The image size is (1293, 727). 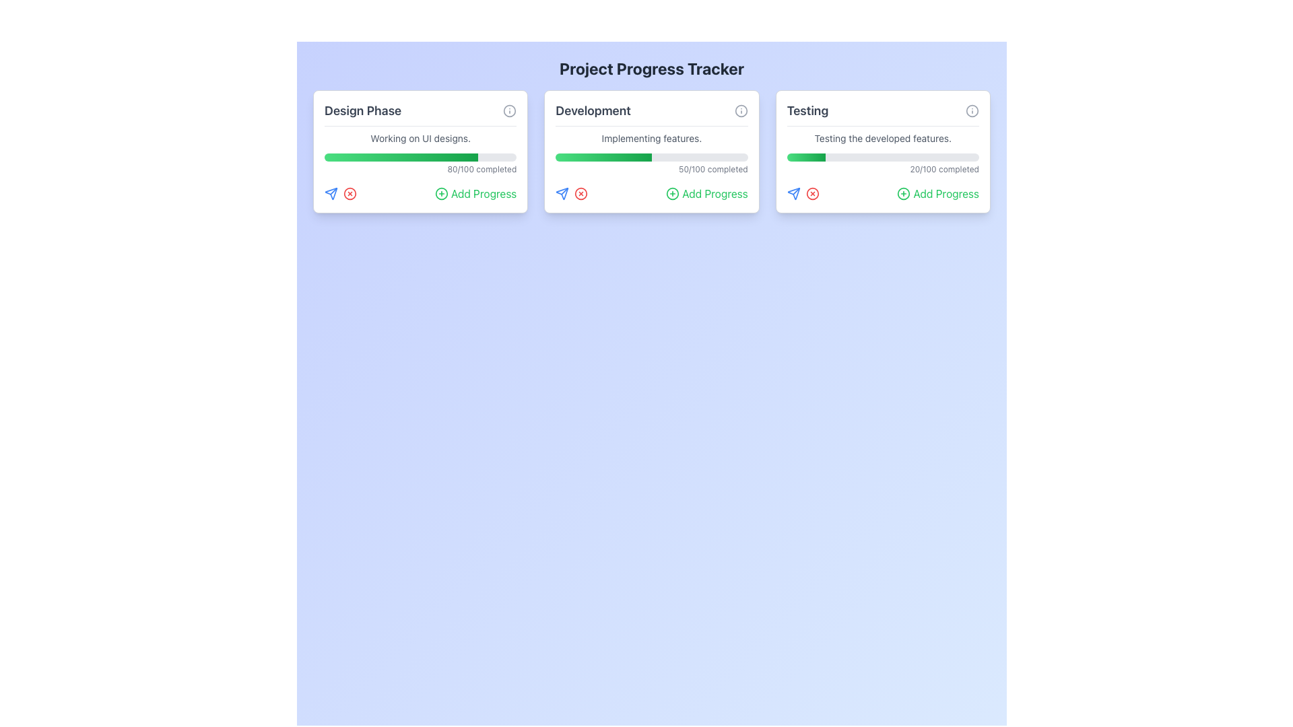 I want to click on informational static text located in the second card of the three-card layout titled 'Development', which is positioned beneath the card title and above the progression bar, so click(x=652, y=138).